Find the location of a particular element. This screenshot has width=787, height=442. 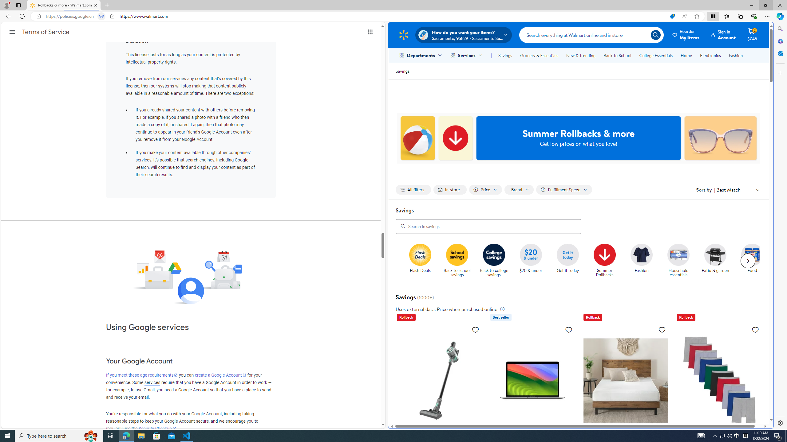

'Sort by Best Match' is located at coordinates (738, 189).